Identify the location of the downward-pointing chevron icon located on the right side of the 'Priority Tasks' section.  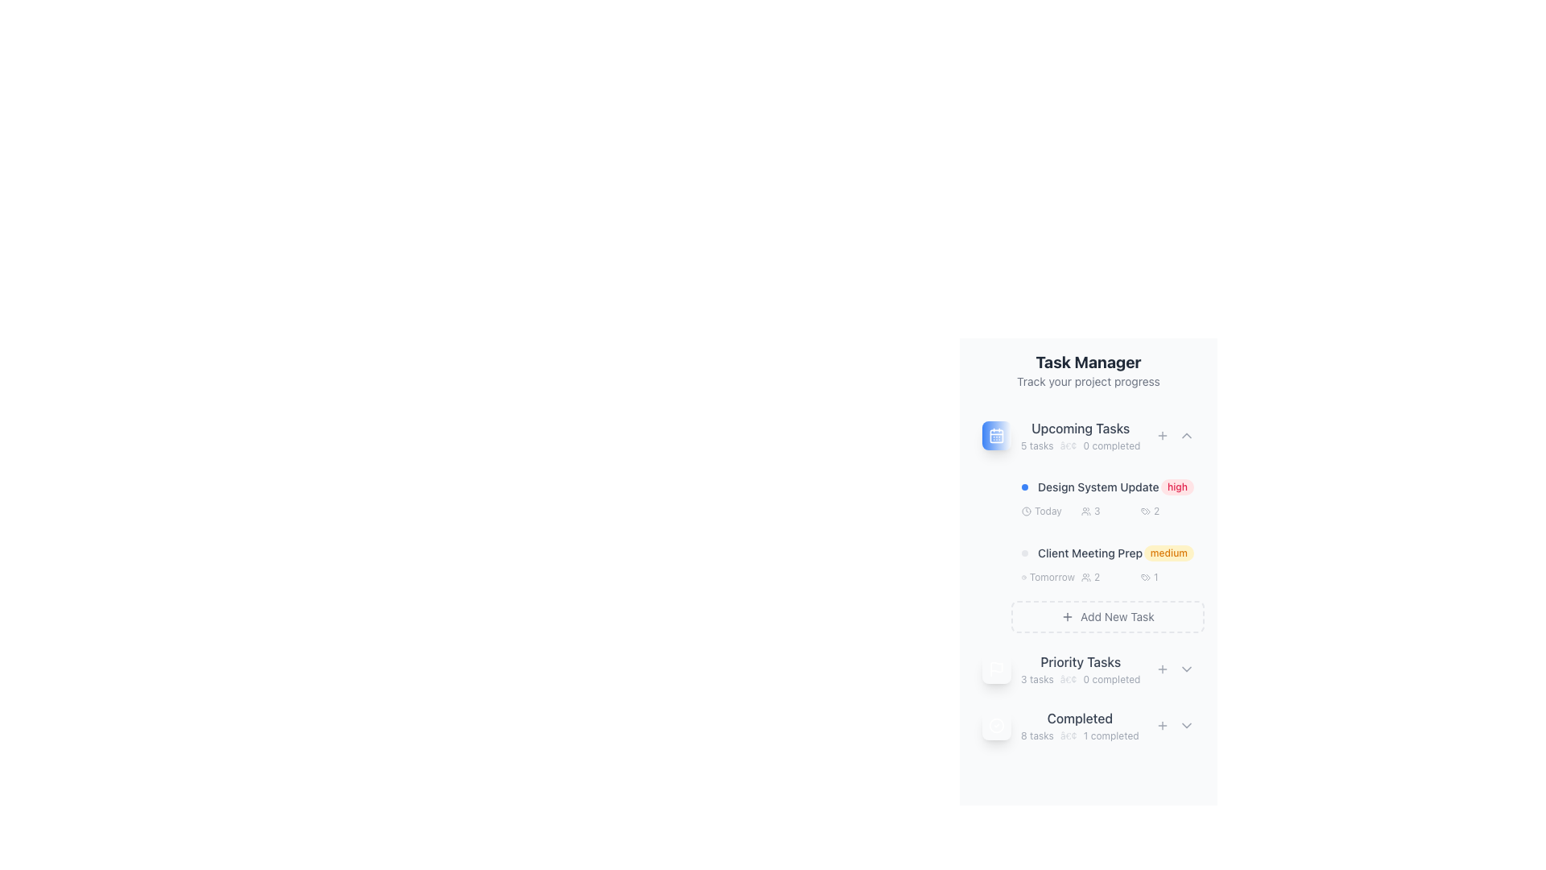
(1186, 669).